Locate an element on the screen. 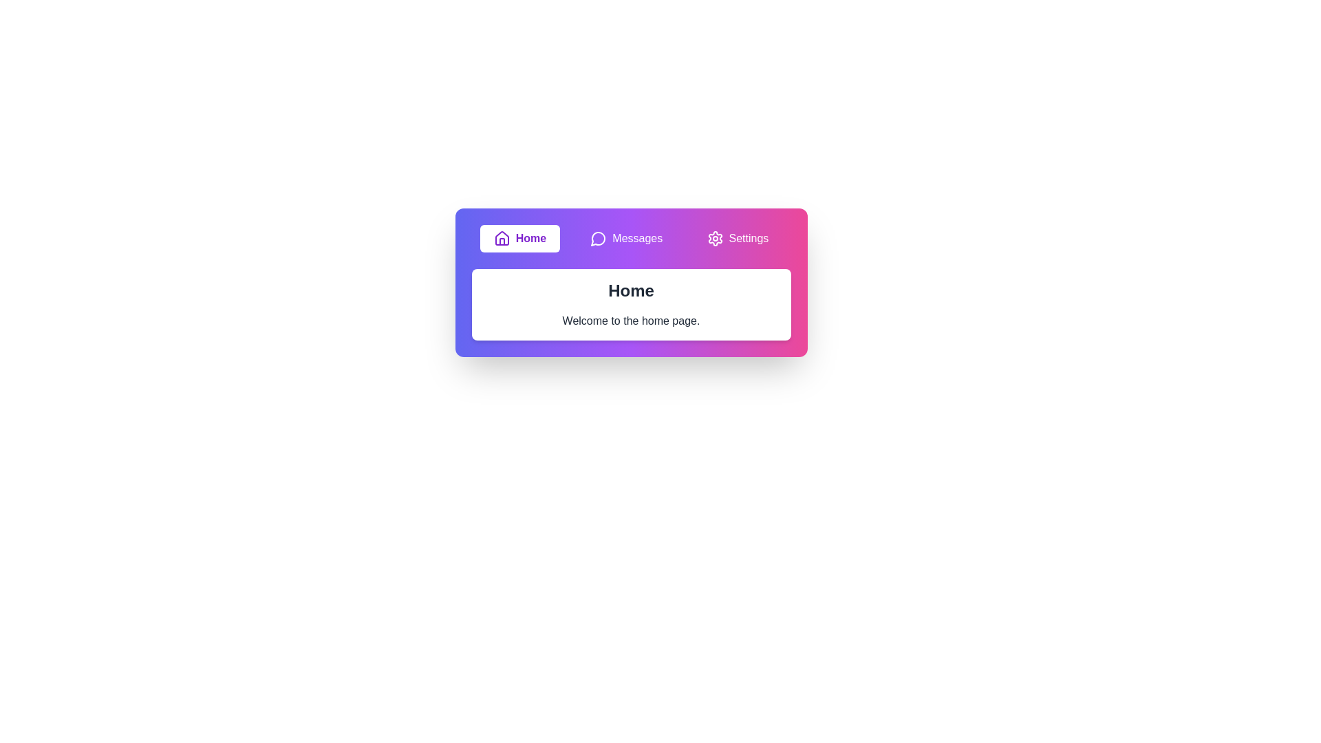 Image resolution: width=1321 pixels, height=743 pixels. the Text label that indicates the navigation button for the home page, located to the right of the house icon is located at coordinates (519, 238).